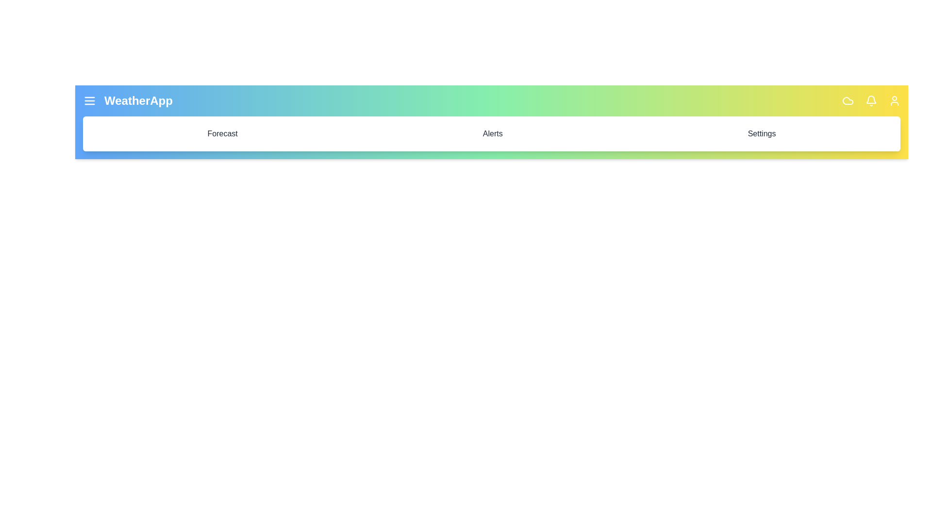  Describe the element at coordinates (848, 101) in the screenshot. I see `the Cloud icon` at that location.